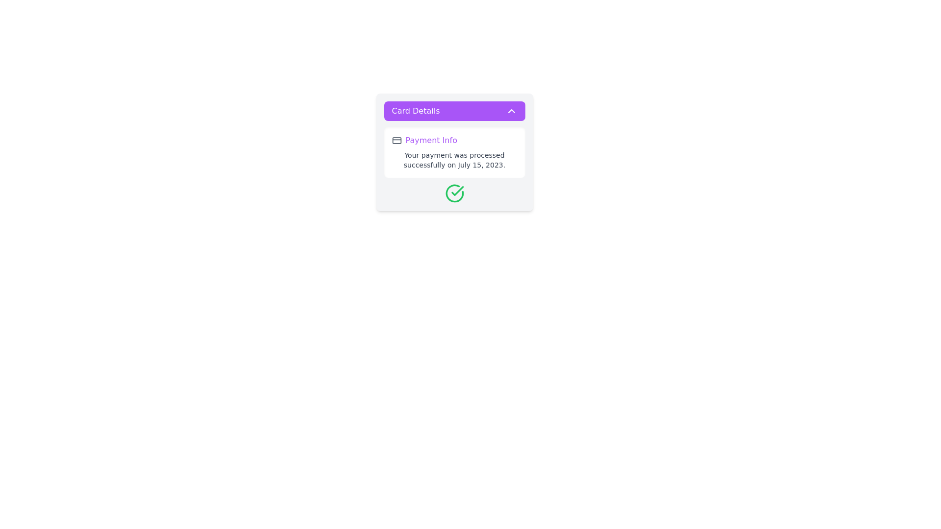 The image size is (941, 529). Describe the element at coordinates (454, 160) in the screenshot. I see `the confirmation information text label located beneath the 'Payment Info' heading, which conveys details about a successful payment` at that location.